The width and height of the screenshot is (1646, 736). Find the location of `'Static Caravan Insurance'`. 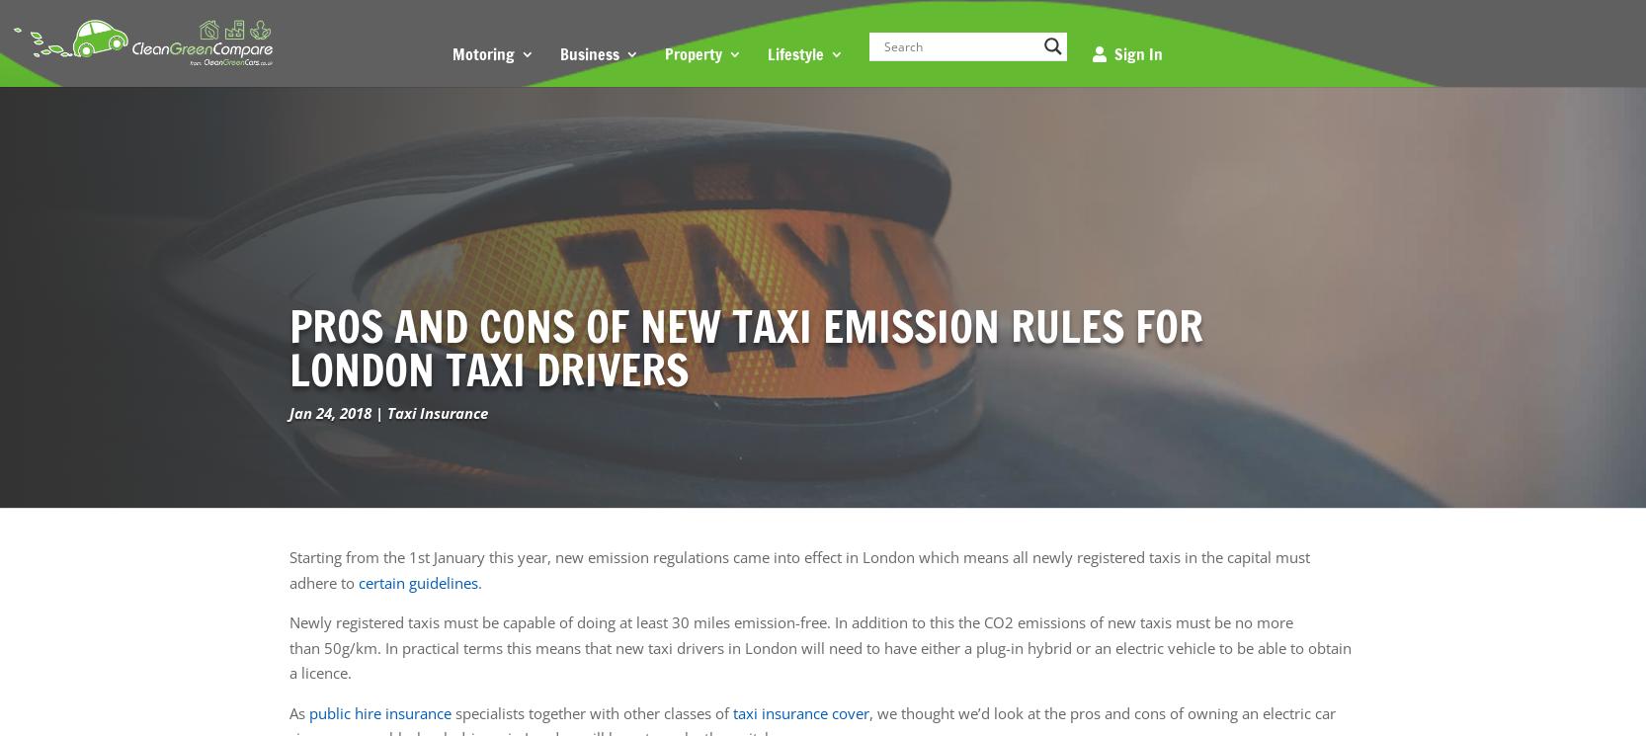

'Static Caravan Insurance' is located at coordinates (869, 260).